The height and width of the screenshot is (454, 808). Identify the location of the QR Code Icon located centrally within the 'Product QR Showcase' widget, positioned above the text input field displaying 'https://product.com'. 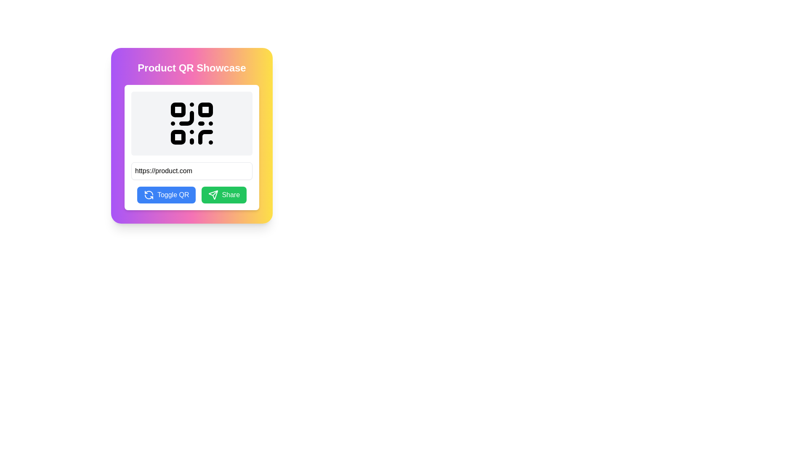
(191, 123).